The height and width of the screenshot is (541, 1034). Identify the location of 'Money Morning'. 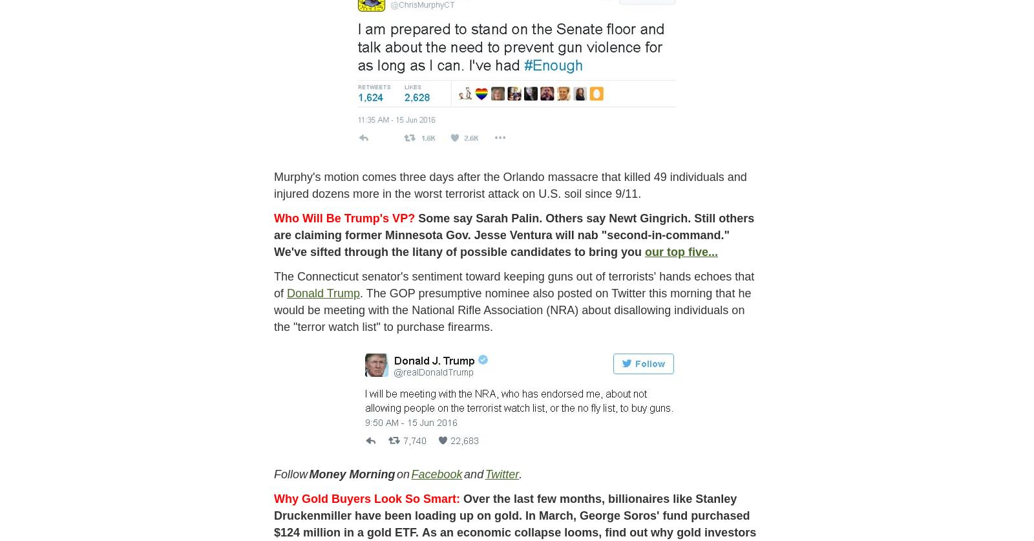
(308, 472).